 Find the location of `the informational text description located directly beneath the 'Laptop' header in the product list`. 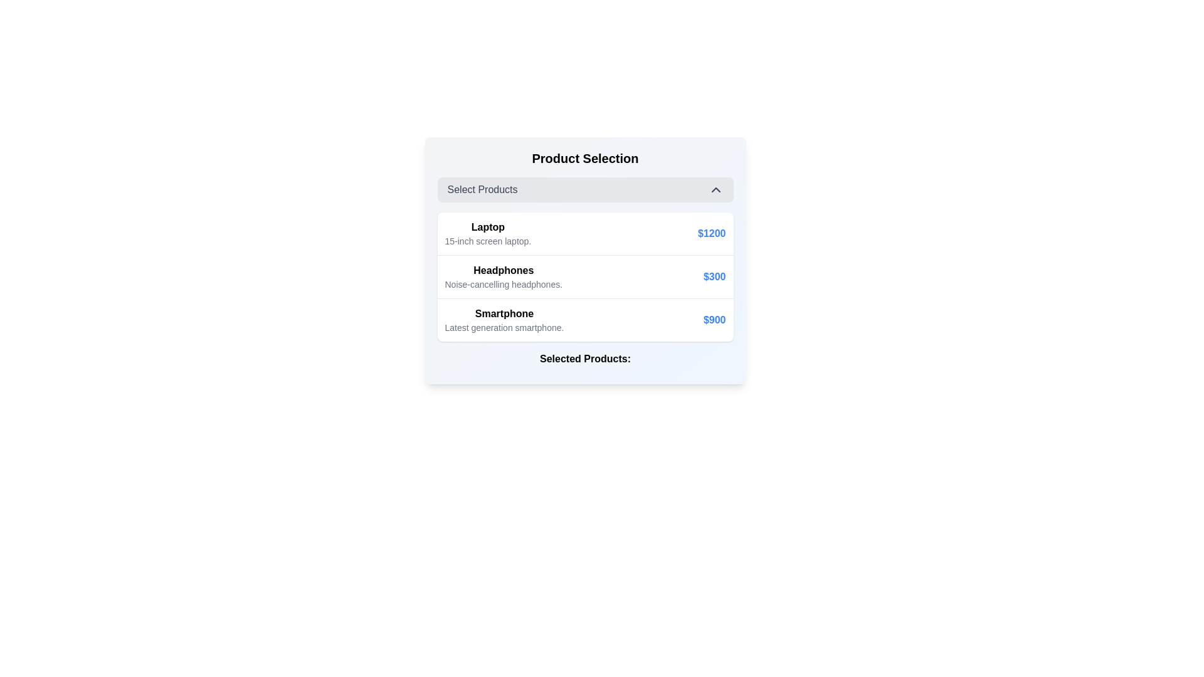

the informational text description located directly beneath the 'Laptop' header in the product list is located at coordinates (487, 241).